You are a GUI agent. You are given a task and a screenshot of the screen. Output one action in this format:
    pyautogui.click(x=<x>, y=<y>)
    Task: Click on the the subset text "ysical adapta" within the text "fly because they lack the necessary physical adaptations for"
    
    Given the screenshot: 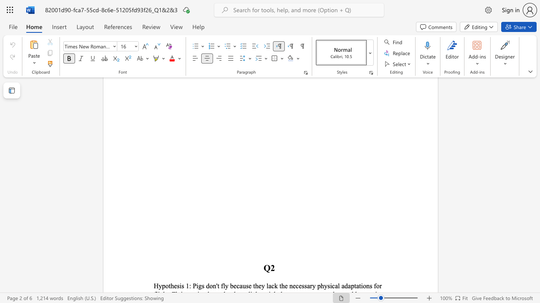 What is the action you would take?
    pyautogui.click(x=324, y=285)
    